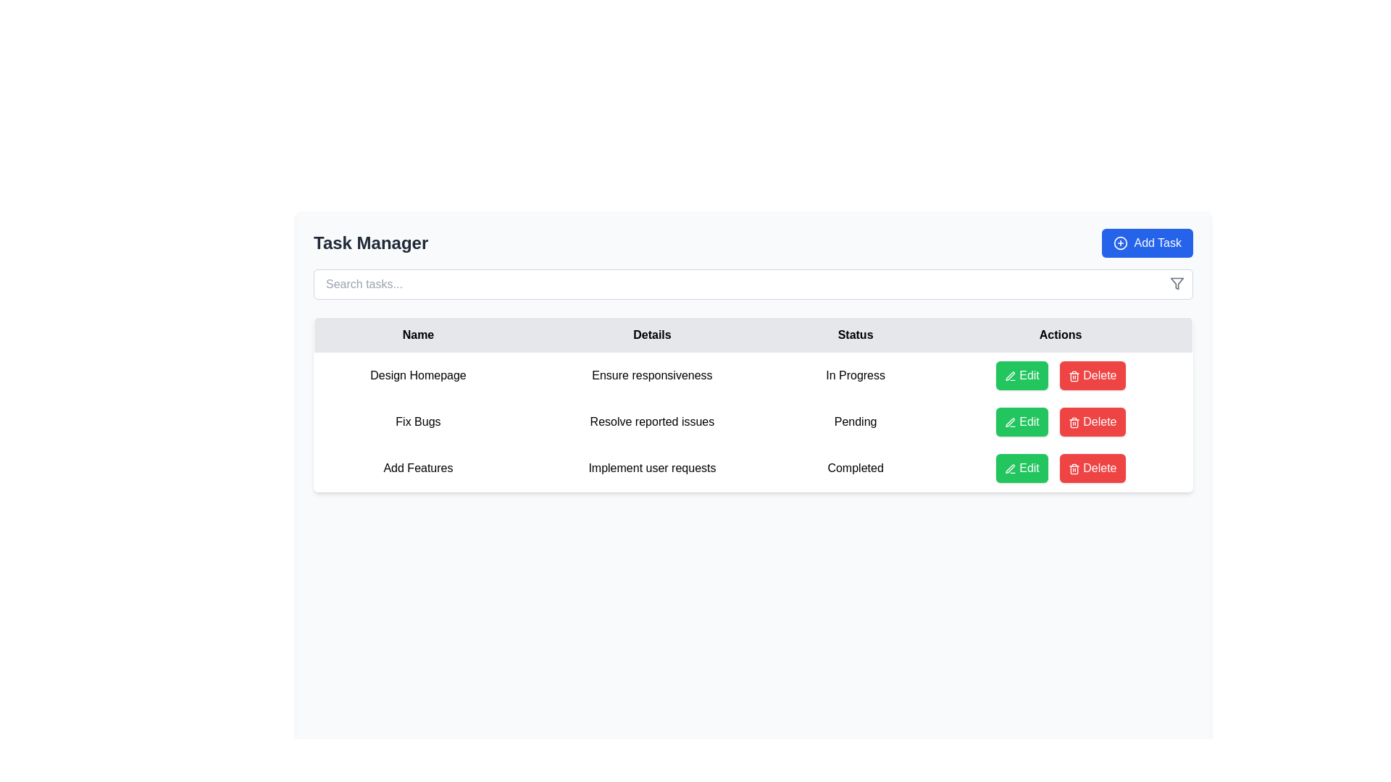 The image size is (1391, 782). Describe the element at coordinates (1009, 375) in the screenshot. I see `the pen icon within the 'Edit' button in the 'Actions' column of the first row of the task table to initiate task editing` at that location.